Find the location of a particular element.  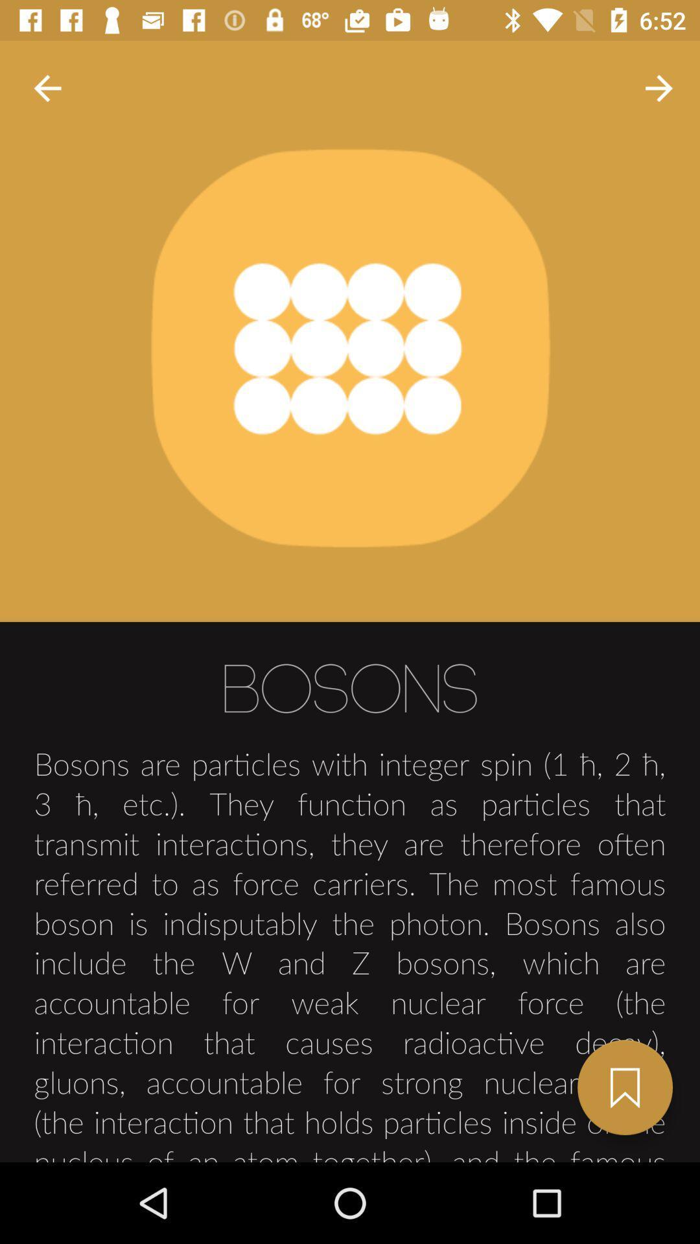

the bookmark icon is located at coordinates (624, 1087).